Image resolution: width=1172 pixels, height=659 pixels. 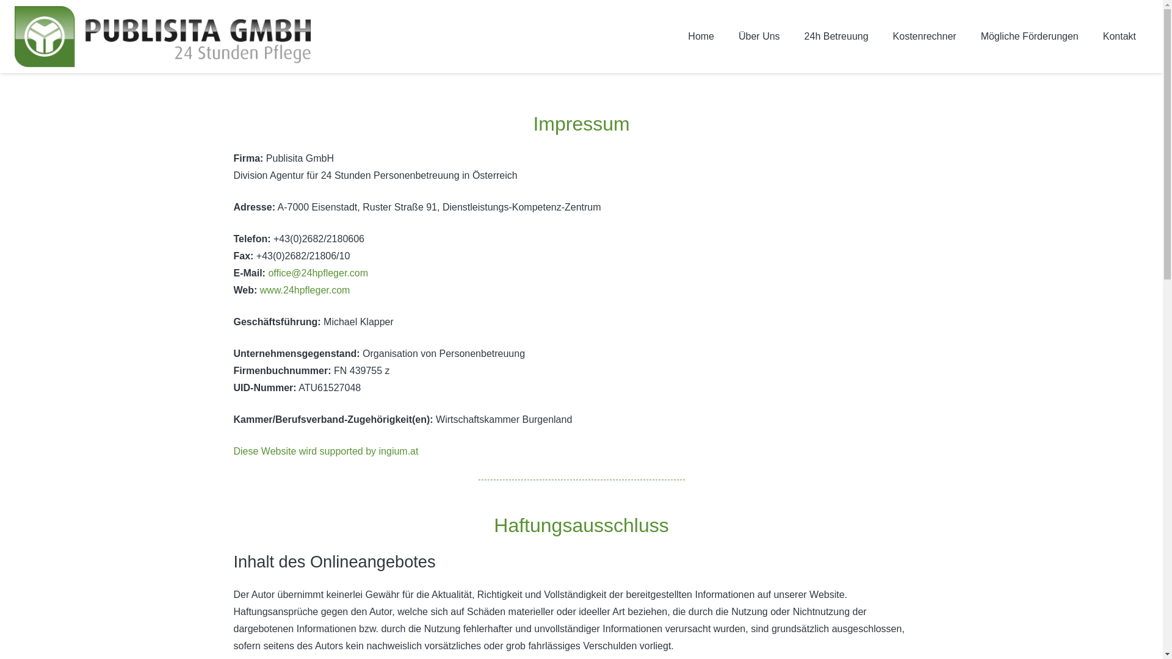 I want to click on 'Kontakt', so click(x=1119, y=36).